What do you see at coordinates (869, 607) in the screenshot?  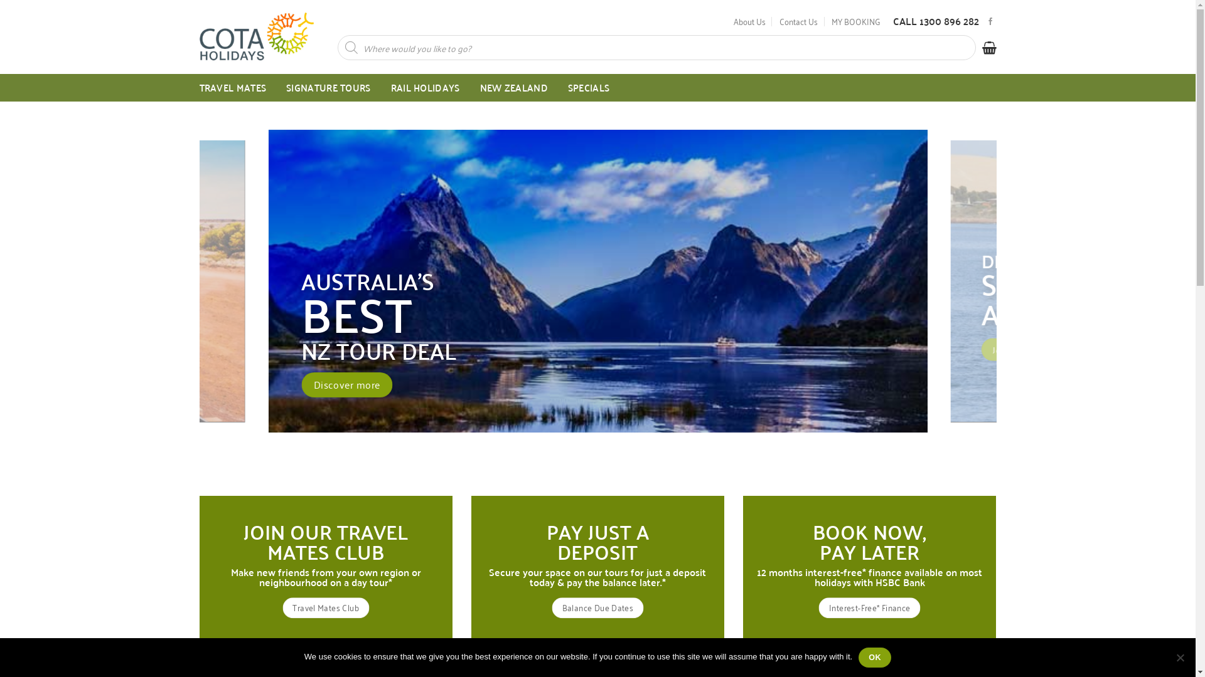 I see `'Interest-Free* Finance'` at bounding box center [869, 607].